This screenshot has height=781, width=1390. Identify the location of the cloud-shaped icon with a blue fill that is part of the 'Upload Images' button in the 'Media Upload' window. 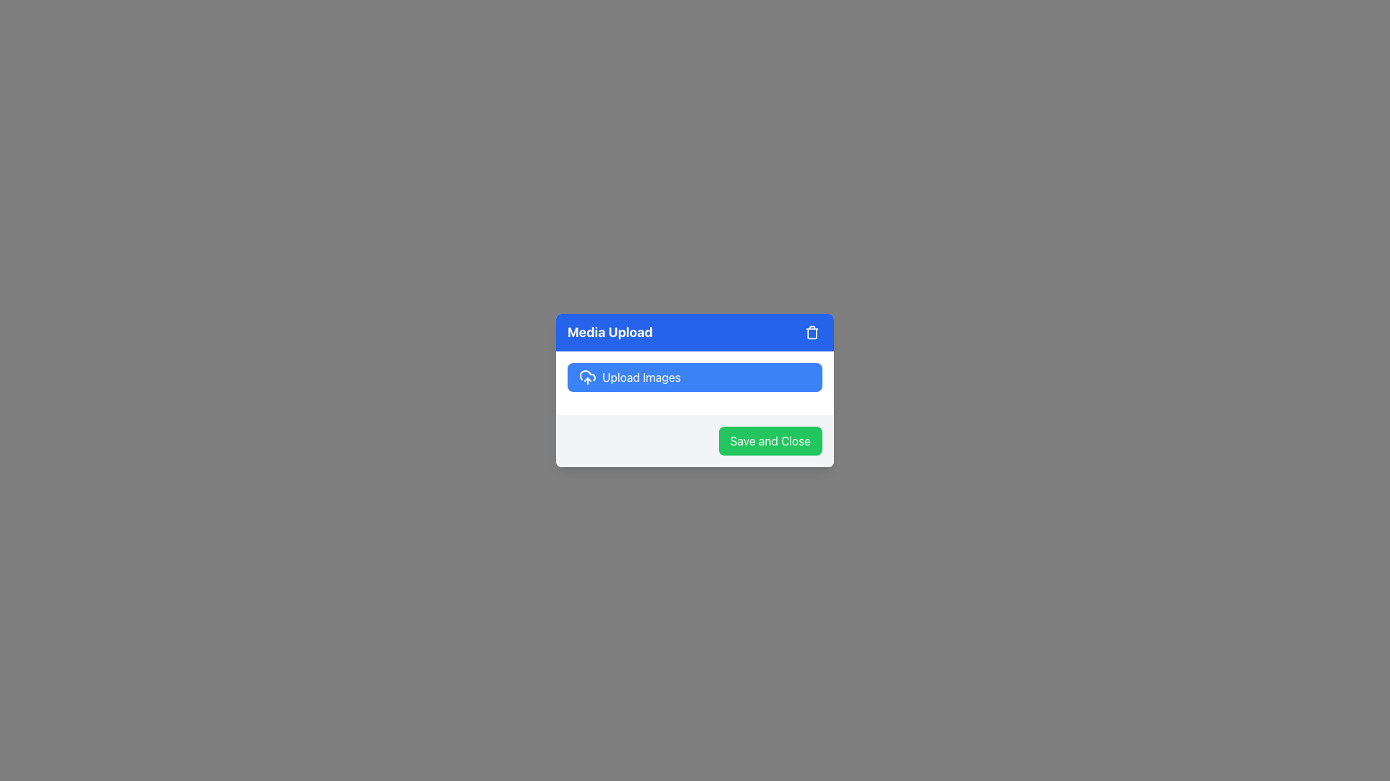
(587, 375).